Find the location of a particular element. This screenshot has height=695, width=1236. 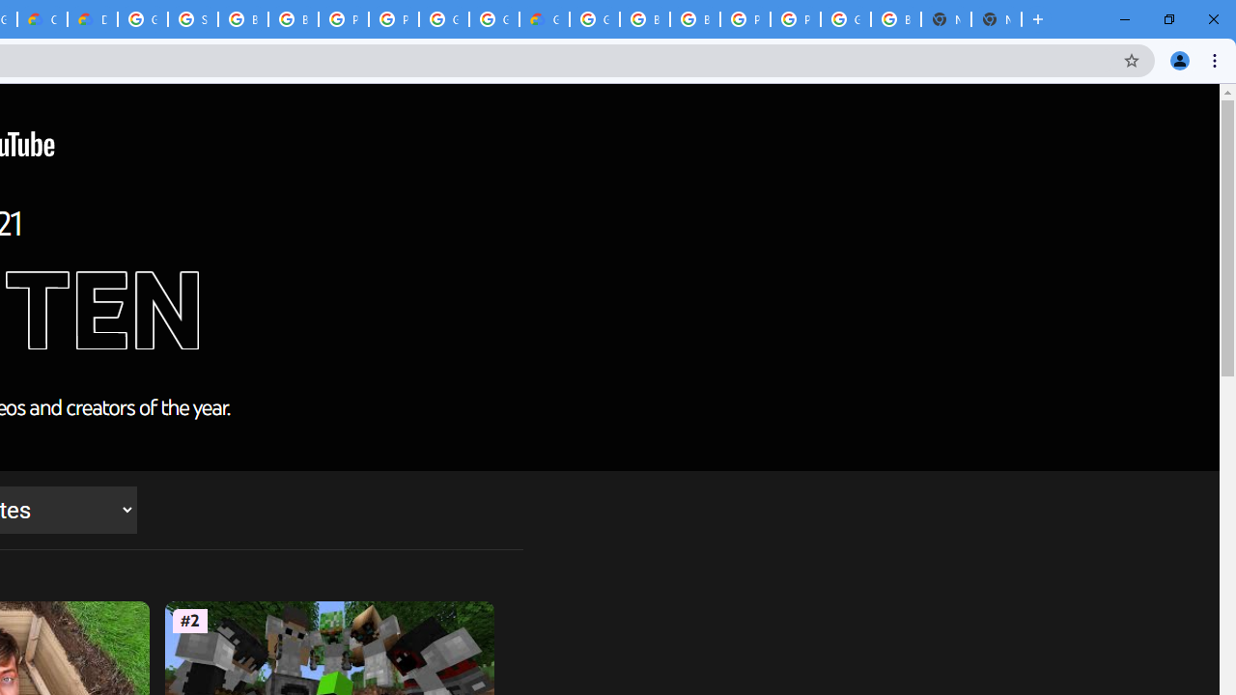

'Google Cloud Estimate Summary' is located at coordinates (543, 19).